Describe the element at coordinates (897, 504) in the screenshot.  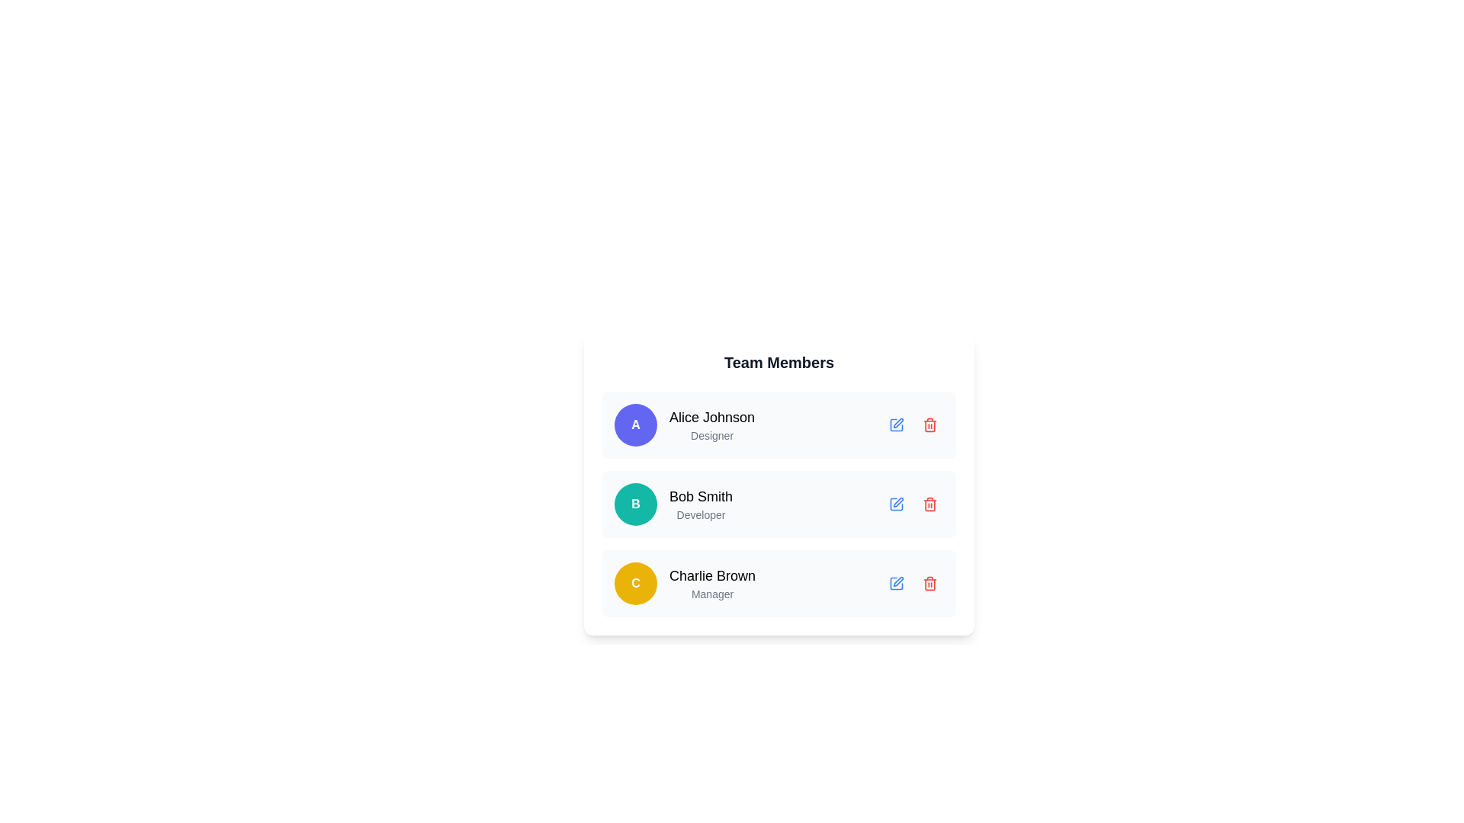
I see `the rectangular SVG icon representing an edit option for 'Bob Smith' in the 'Team Members' list` at that location.